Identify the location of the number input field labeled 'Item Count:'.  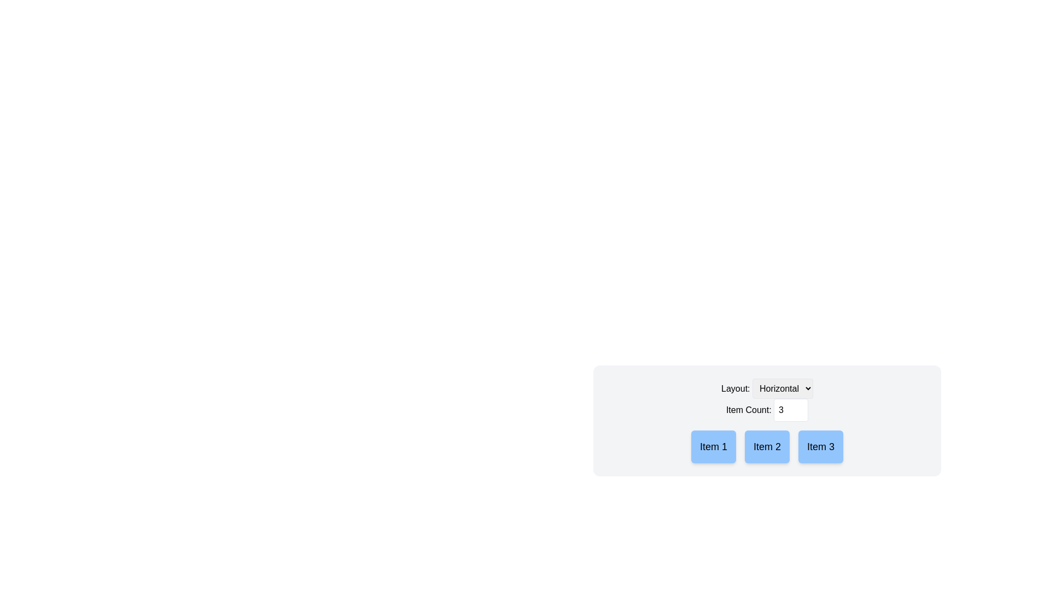
(766, 410).